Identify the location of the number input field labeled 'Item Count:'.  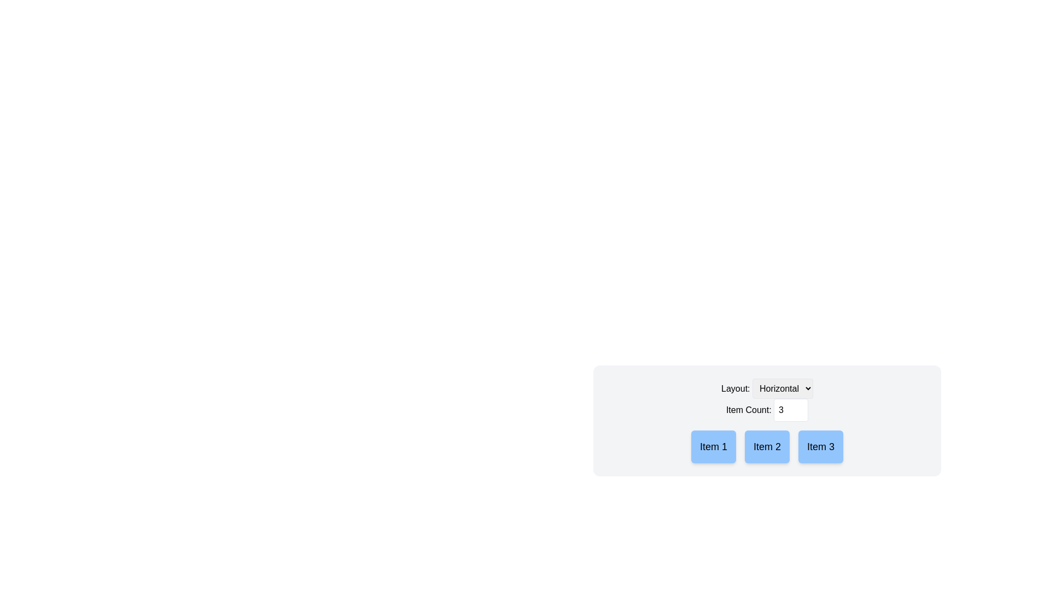
(766, 410).